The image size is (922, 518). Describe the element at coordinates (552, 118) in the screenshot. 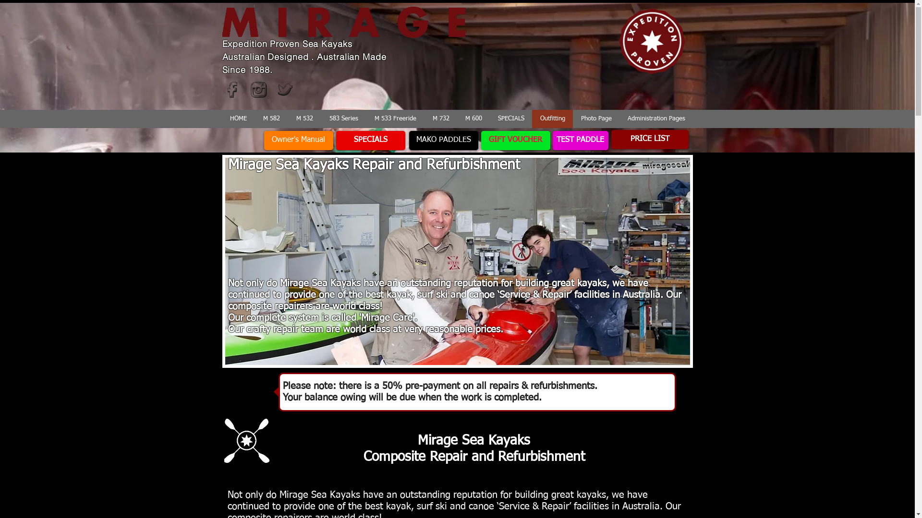

I see `'Outfitting'` at that location.